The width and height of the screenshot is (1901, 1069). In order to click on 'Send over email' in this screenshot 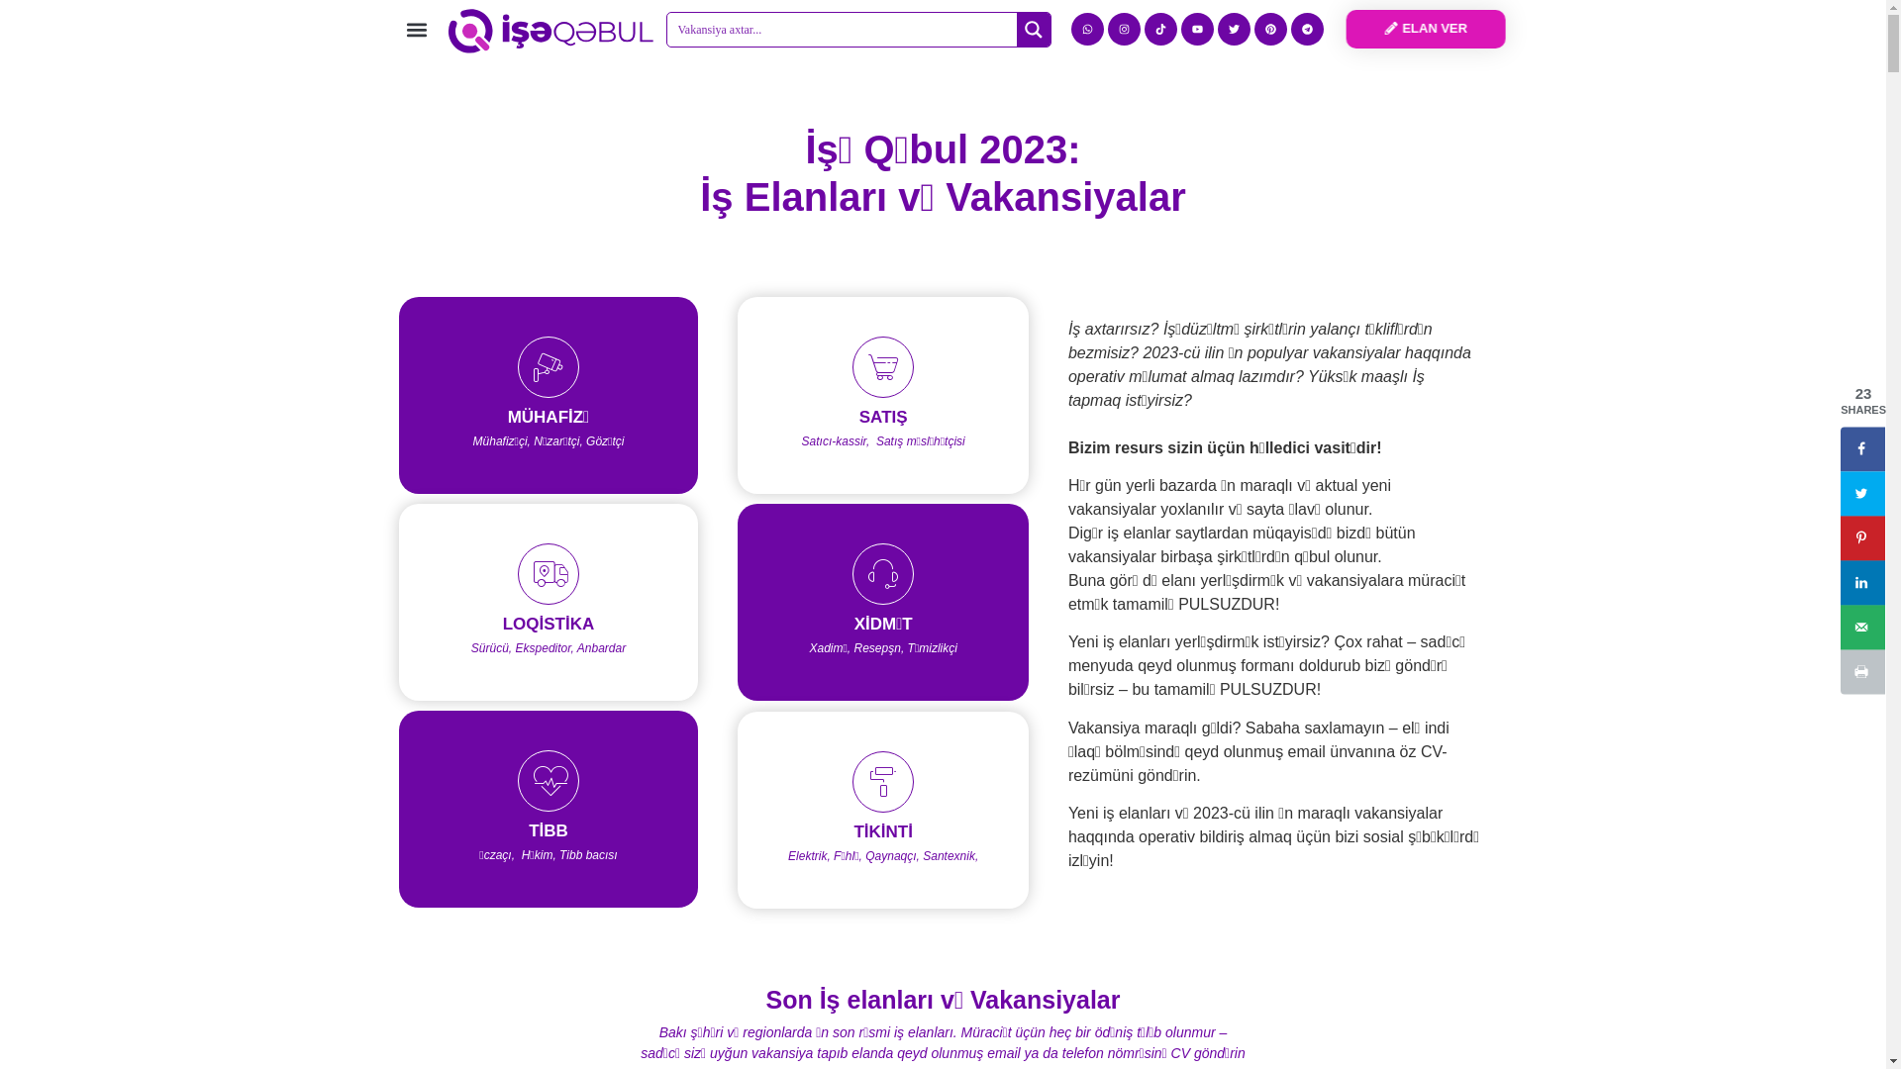, I will do `click(1861, 627)`.